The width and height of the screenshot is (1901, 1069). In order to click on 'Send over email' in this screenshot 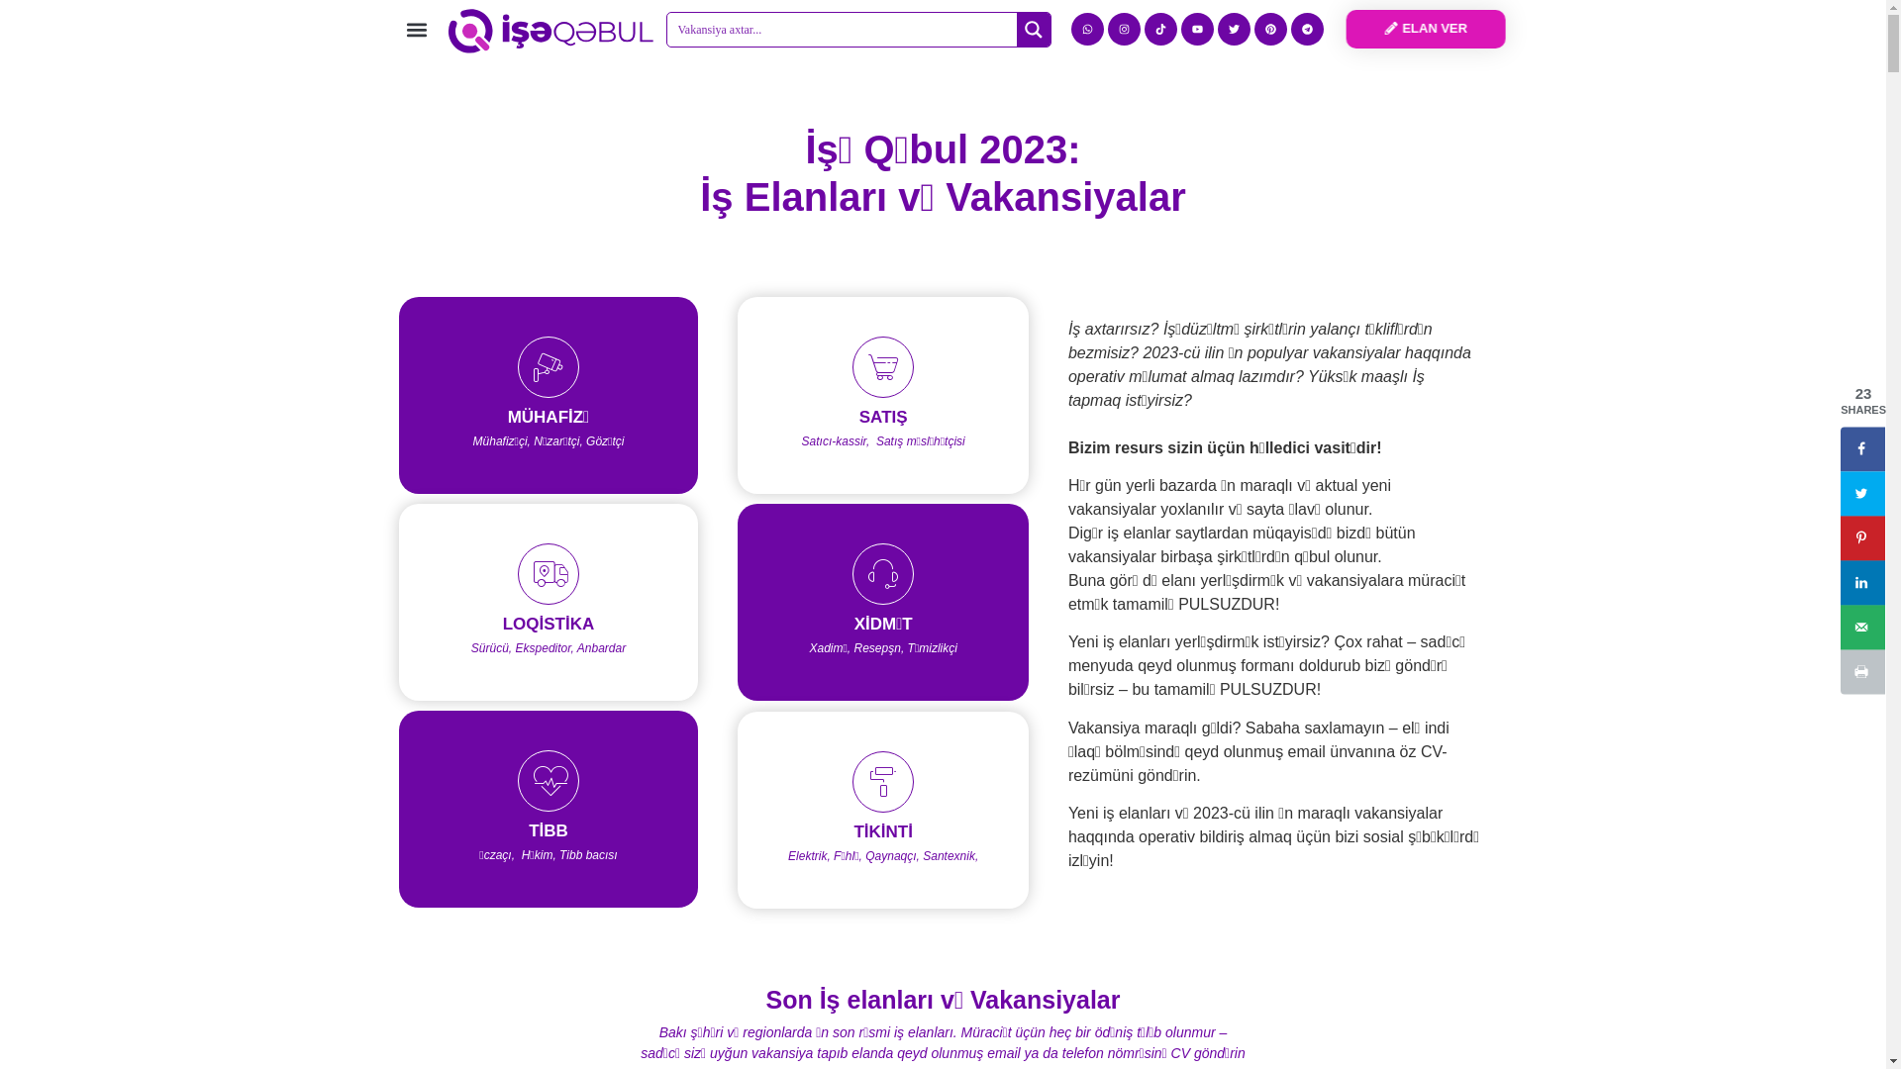, I will do `click(1861, 627)`.